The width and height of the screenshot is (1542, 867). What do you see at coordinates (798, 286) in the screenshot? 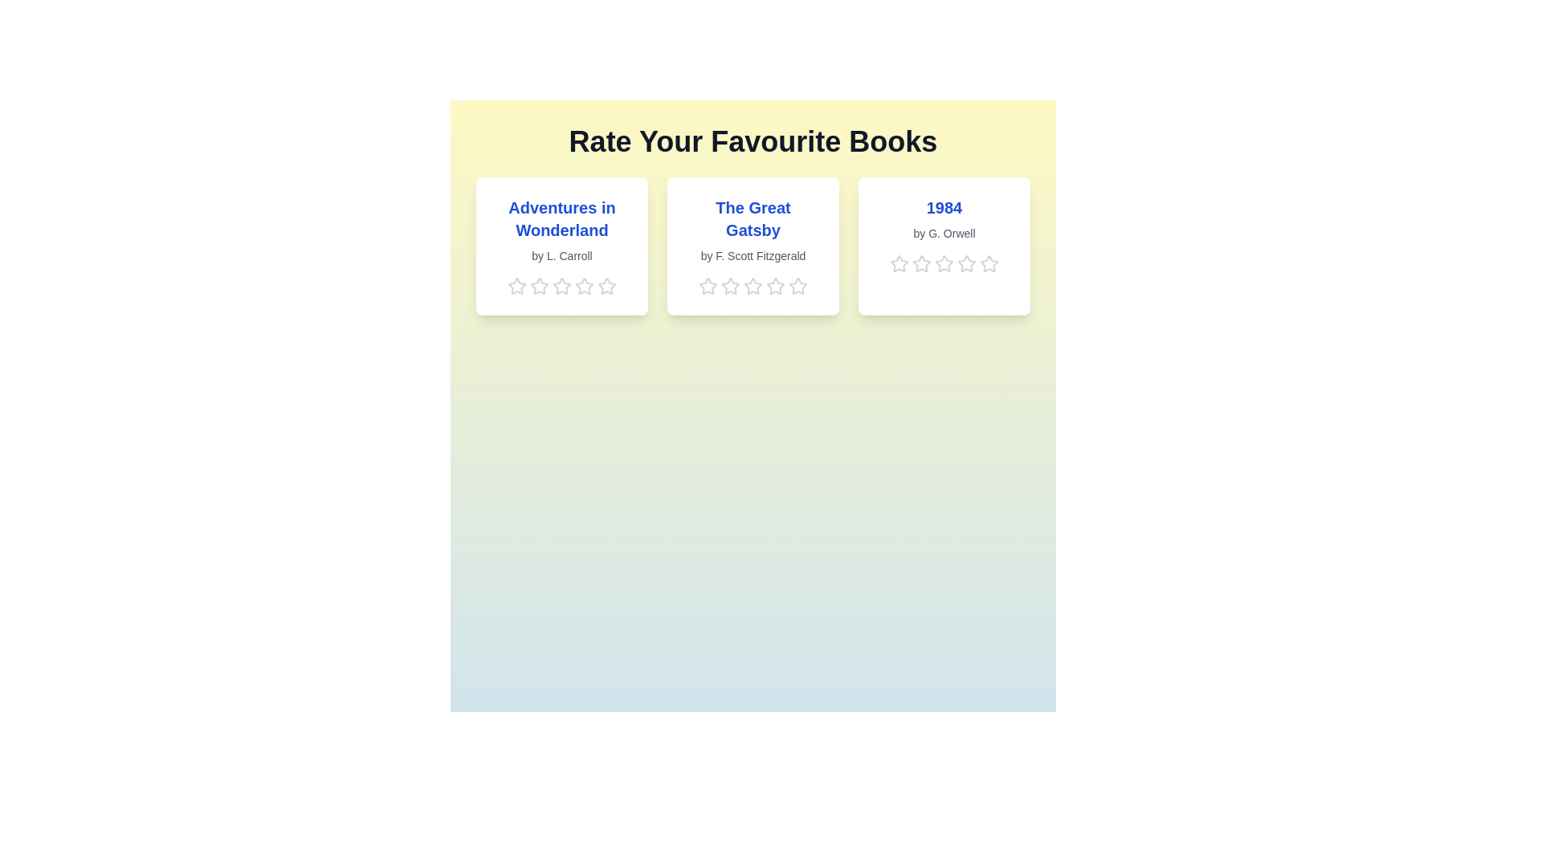
I see `the 5 star for the book titled 'The Great Gatsby'` at bounding box center [798, 286].